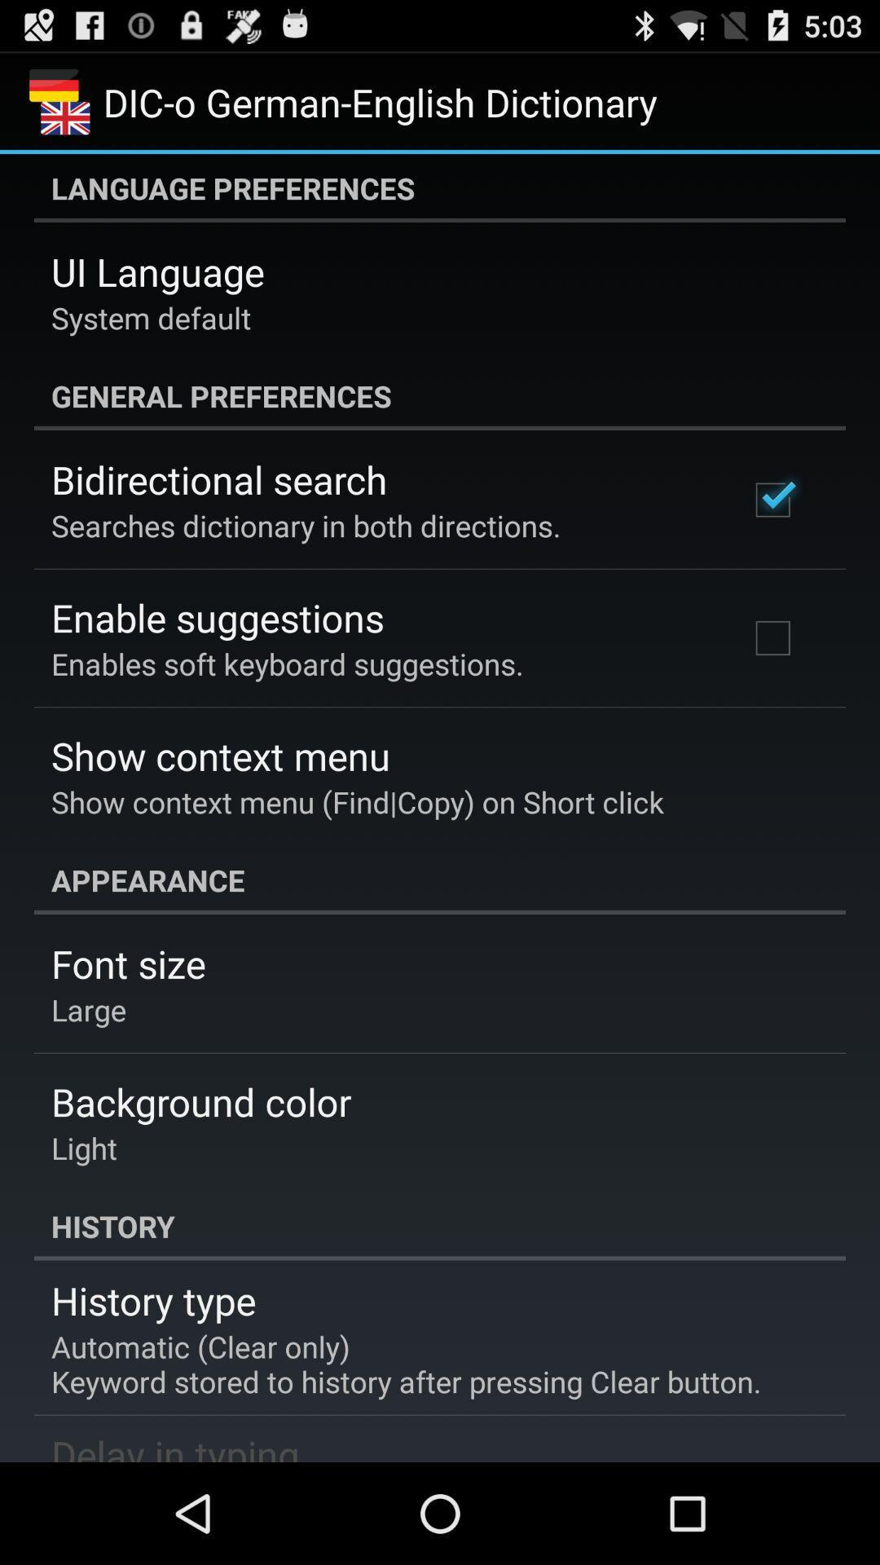 The width and height of the screenshot is (880, 1565). What do you see at coordinates (440, 395) in the screenshot?
I see `general preferences item` at bounding box center [440, 395].